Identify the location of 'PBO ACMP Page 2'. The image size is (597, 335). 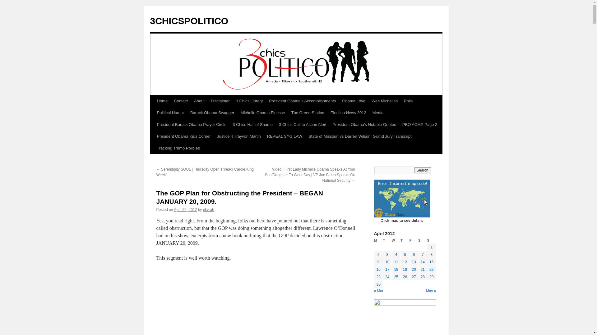
(420, 124).